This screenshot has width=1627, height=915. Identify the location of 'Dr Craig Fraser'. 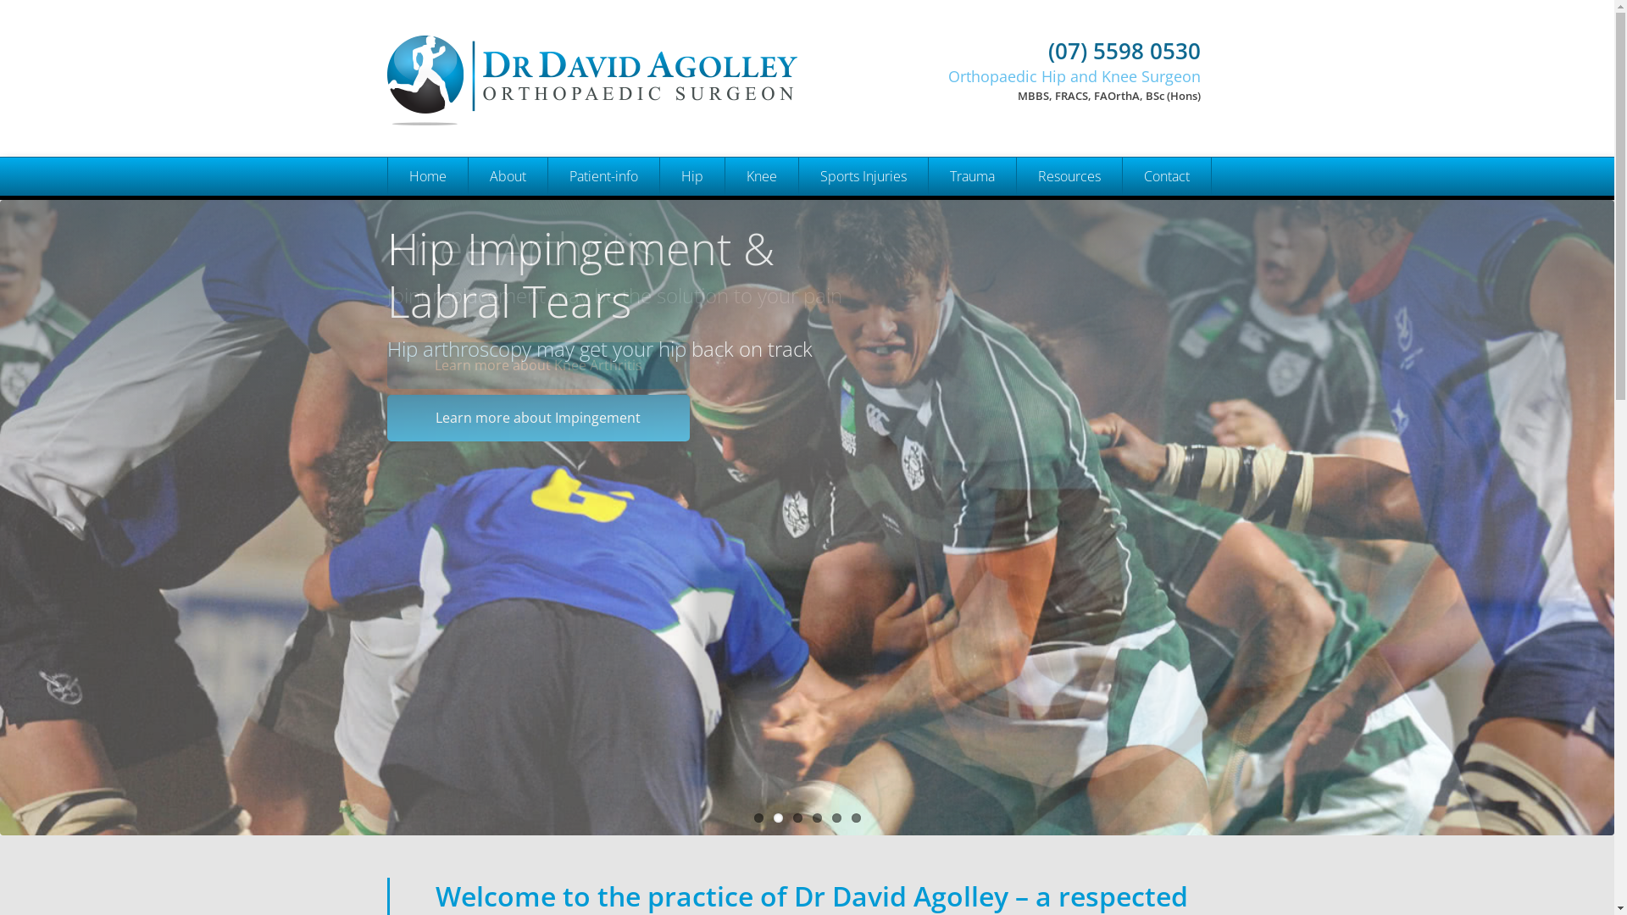
(507, 290).